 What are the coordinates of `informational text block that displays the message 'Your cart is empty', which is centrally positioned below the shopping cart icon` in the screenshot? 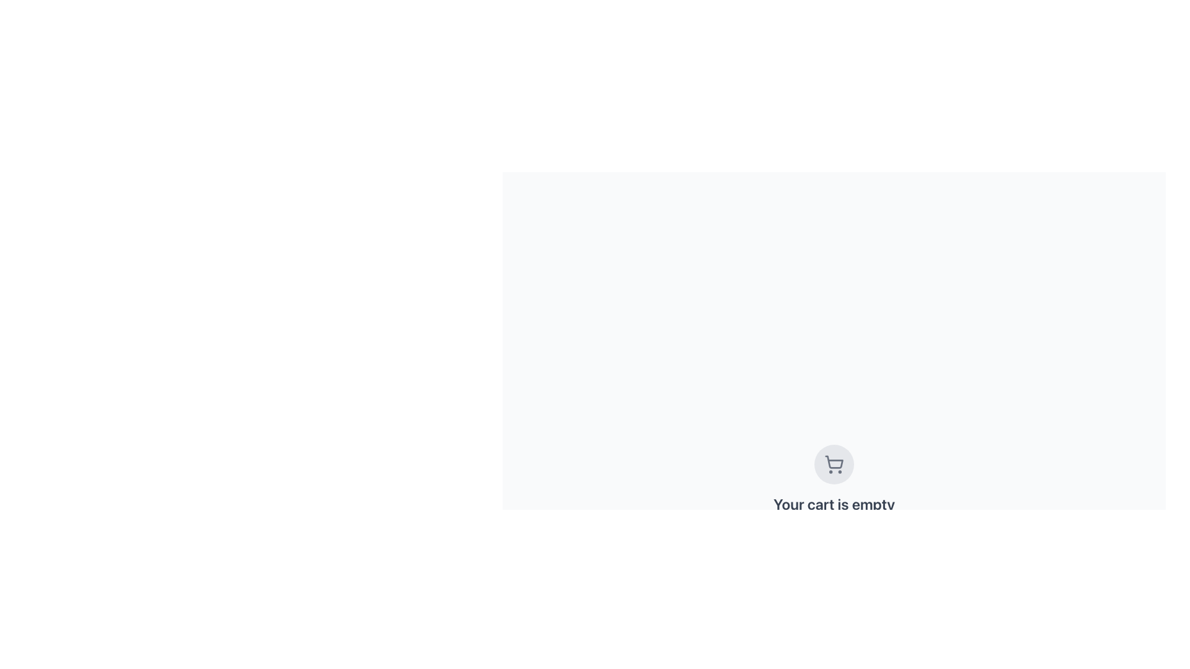 It's located at (834, 504).